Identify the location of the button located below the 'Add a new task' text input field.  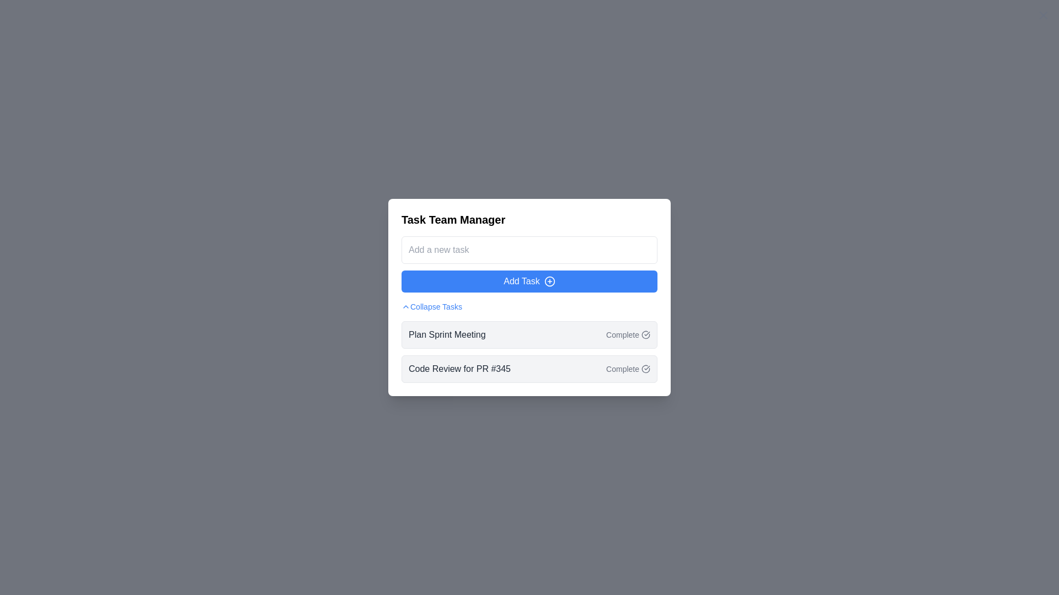
(529, 280).